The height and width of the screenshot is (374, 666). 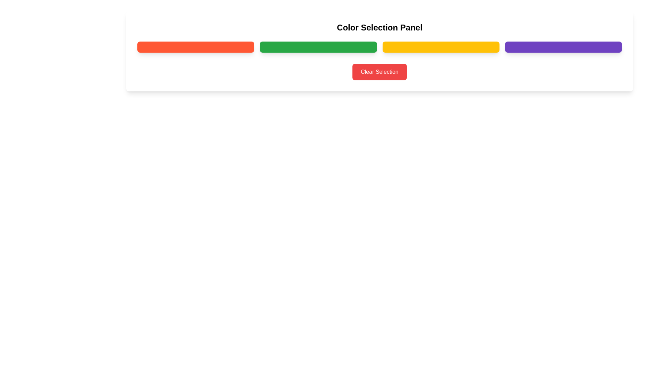 I want to click on the green button, which is the second button in a horizontal arrangement of four buttons, positioned directly to the right of an orange button, so click(x=318, y=47).